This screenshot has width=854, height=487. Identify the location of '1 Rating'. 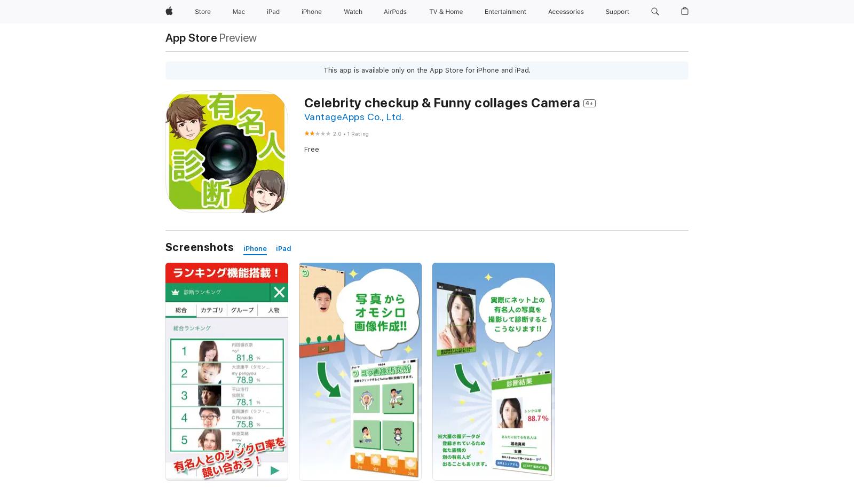
(358, 133).